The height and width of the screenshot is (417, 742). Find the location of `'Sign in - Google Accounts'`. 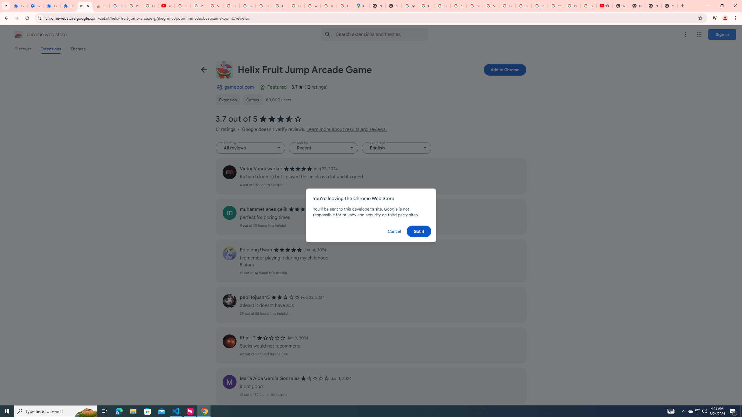

'Sign in - Google Accounts' is located at coordinates (490, 6).